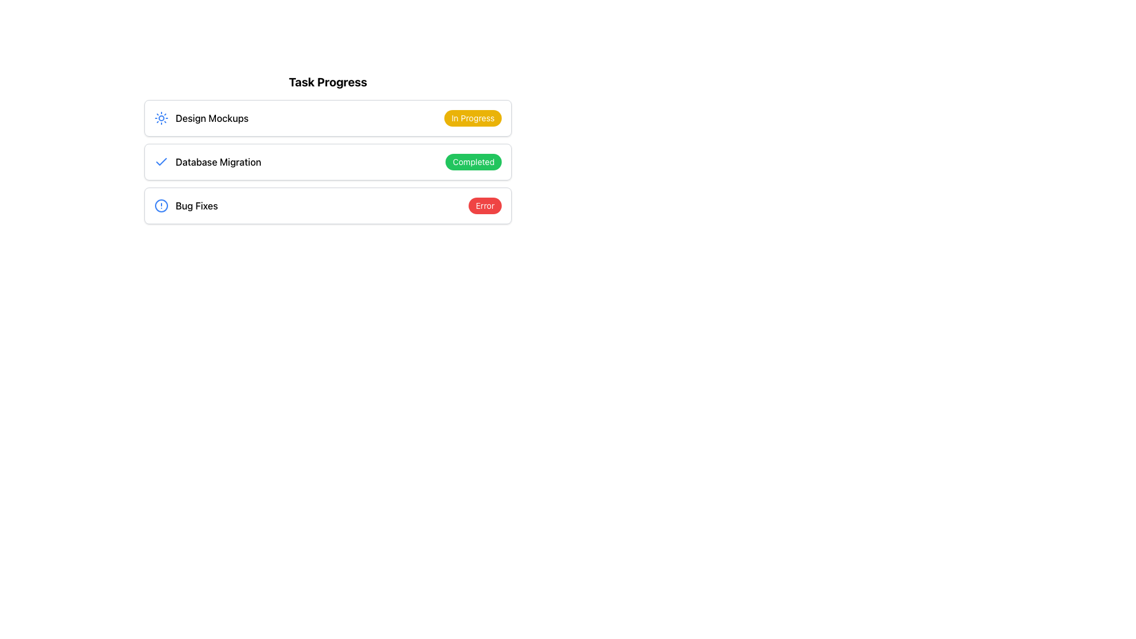 The height and width of the screenshot is (639, 1136). Describe the element at coordinates (161, 162) in the screenshot. I see `the checkmark icon indicating the completion status of the 'Database Migration' task` at that location.